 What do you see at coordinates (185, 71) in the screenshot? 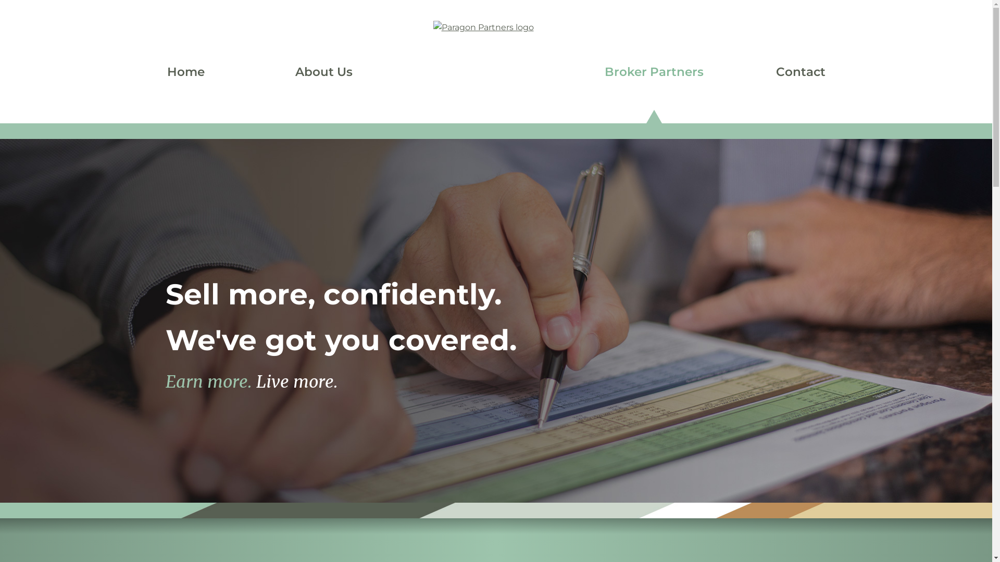
I see `'Home'` at bounding box center [185, 71].